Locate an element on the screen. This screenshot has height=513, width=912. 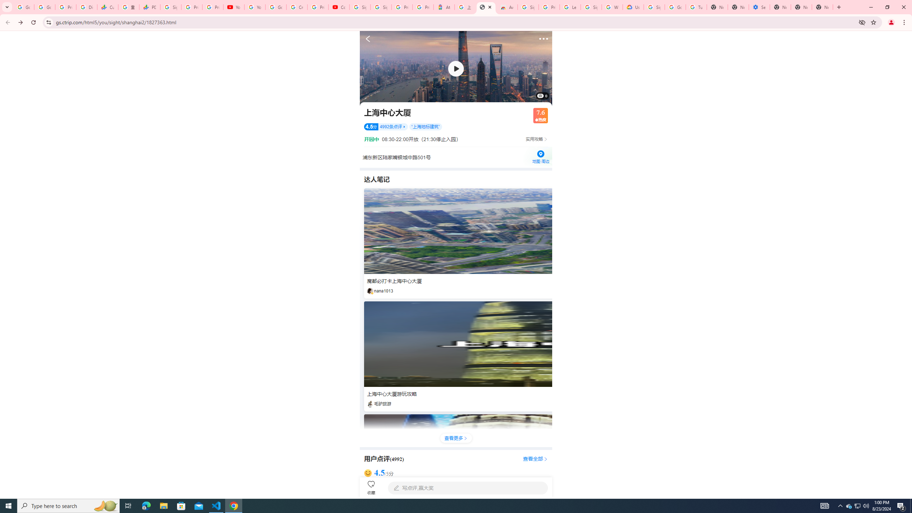
'Google Workspace Admin Community' is located at coordinates (23, 7).